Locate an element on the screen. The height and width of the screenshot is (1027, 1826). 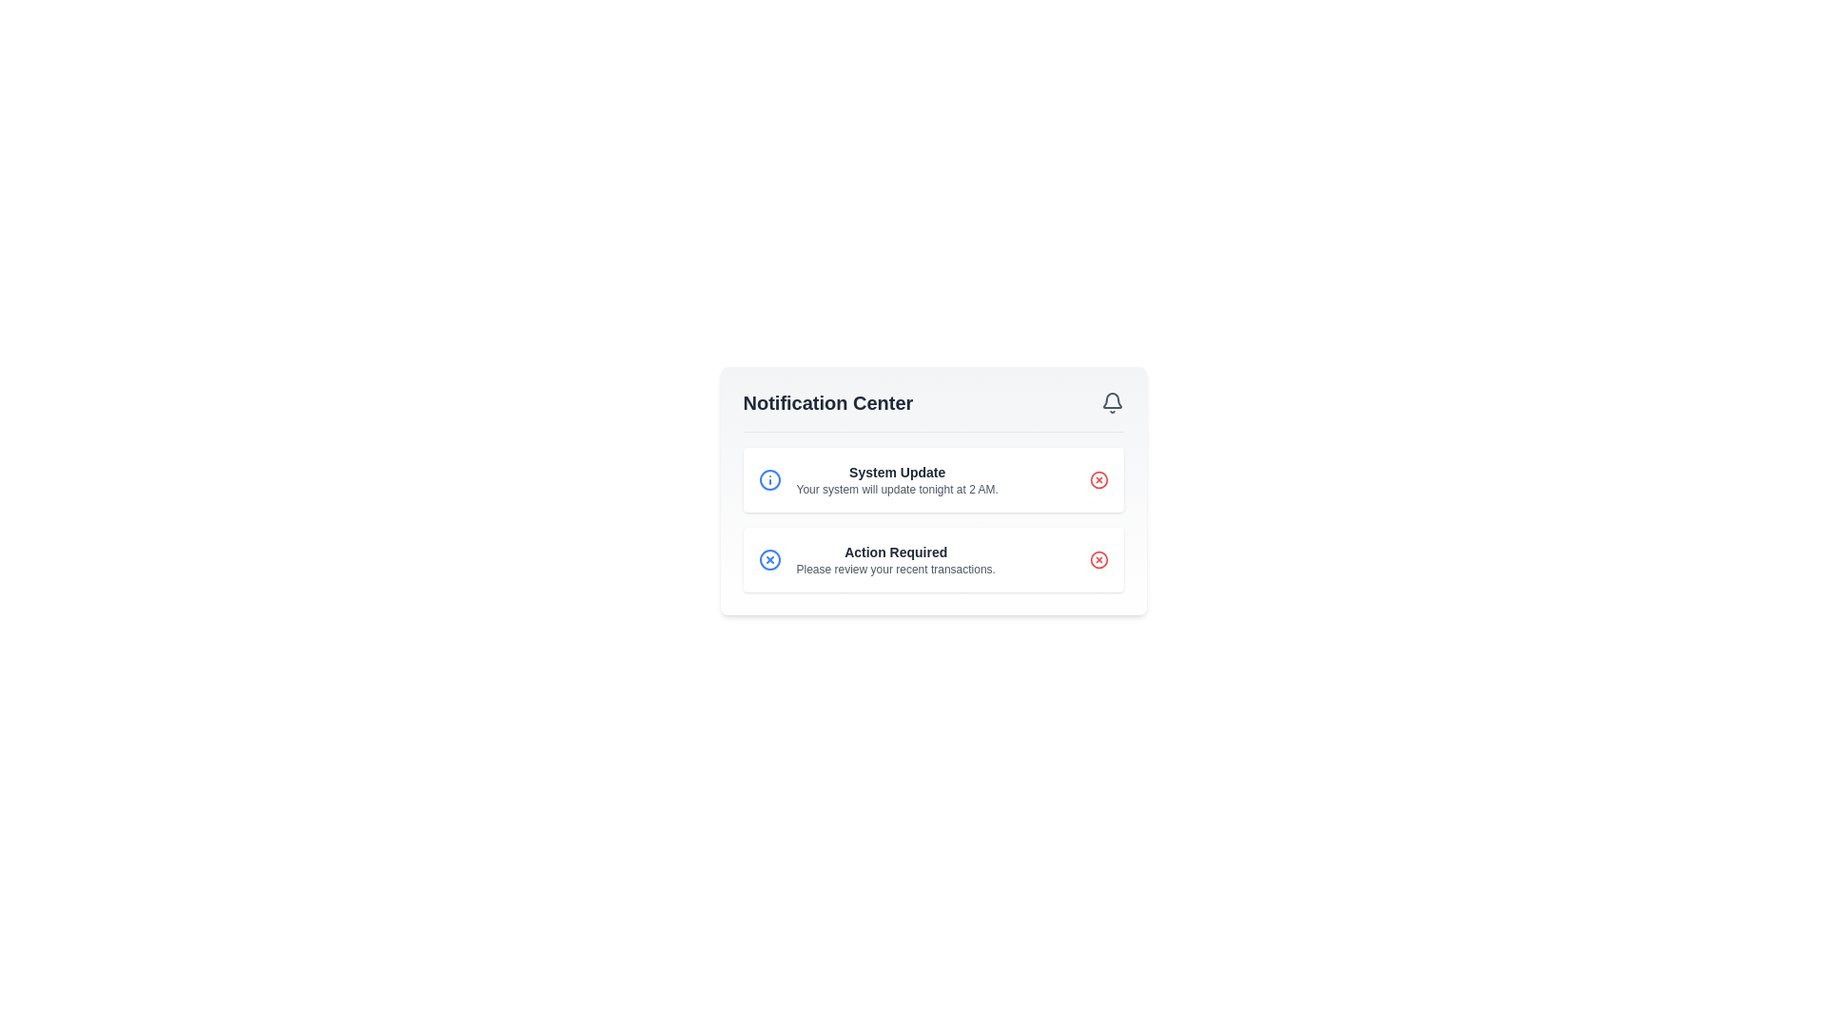
the text label that reads 'Your system will update tonight at 2 AM.' located in the notification card below the 'System Update' header in the Notification Center is located at coordinates (896, 489).